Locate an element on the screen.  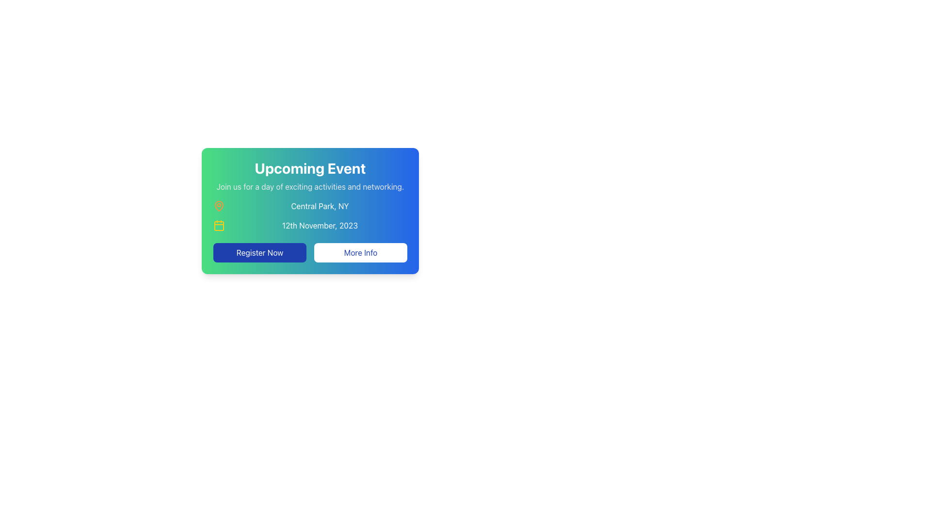
the static text element that provides contextual information about the event, located below the activities text and above the date within the 'Upcoming Event' card is located at coordinates (309, 205).